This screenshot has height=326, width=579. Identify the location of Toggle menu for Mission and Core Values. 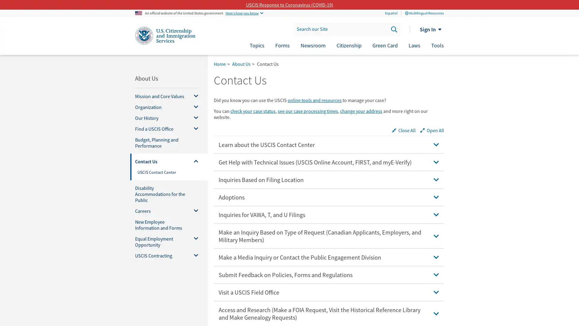
(194, 96).